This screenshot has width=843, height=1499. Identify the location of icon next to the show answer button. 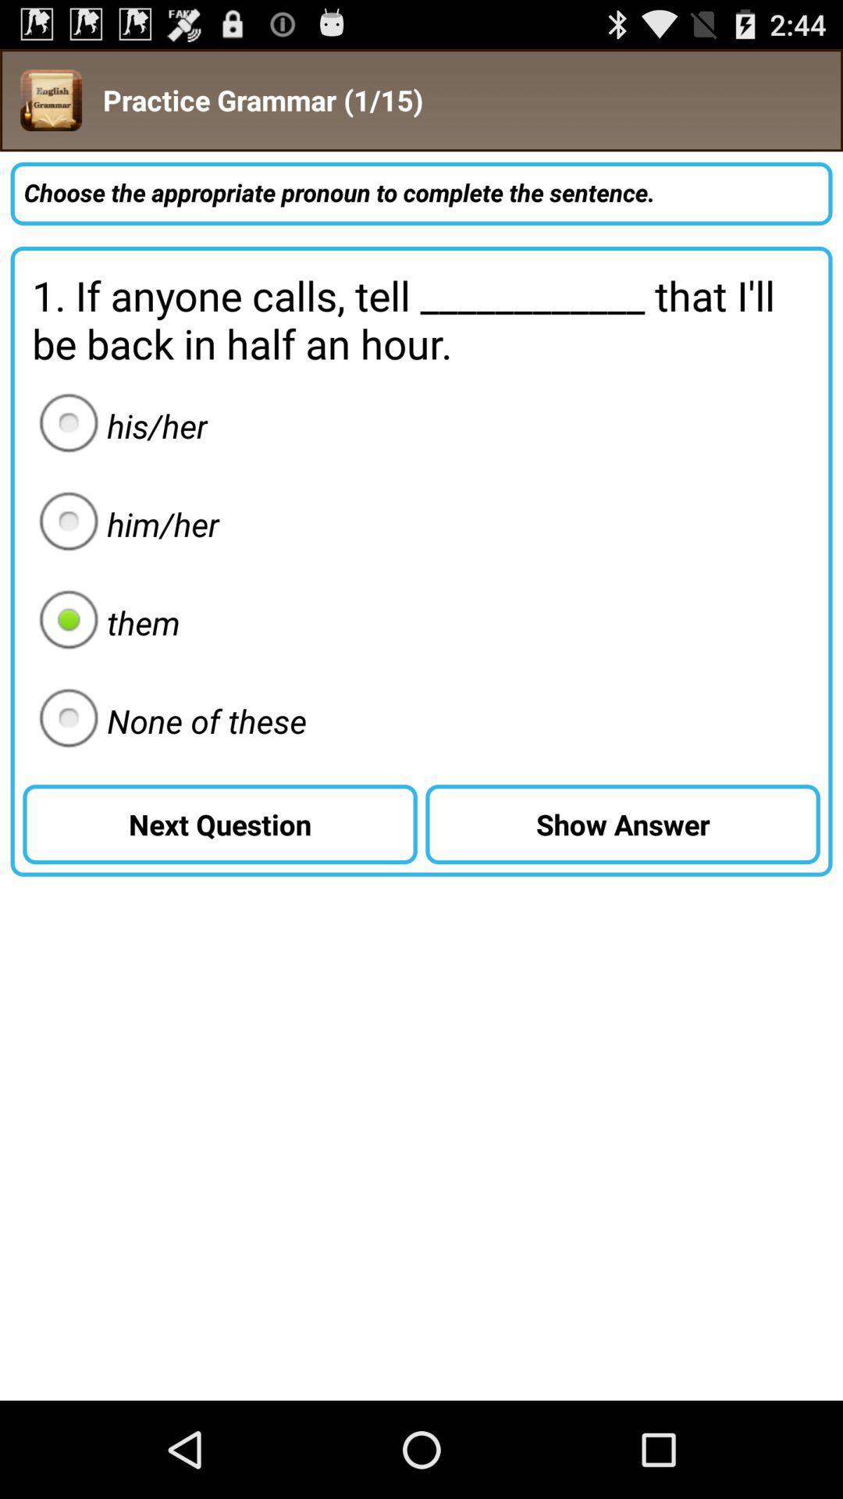
(168, 720).